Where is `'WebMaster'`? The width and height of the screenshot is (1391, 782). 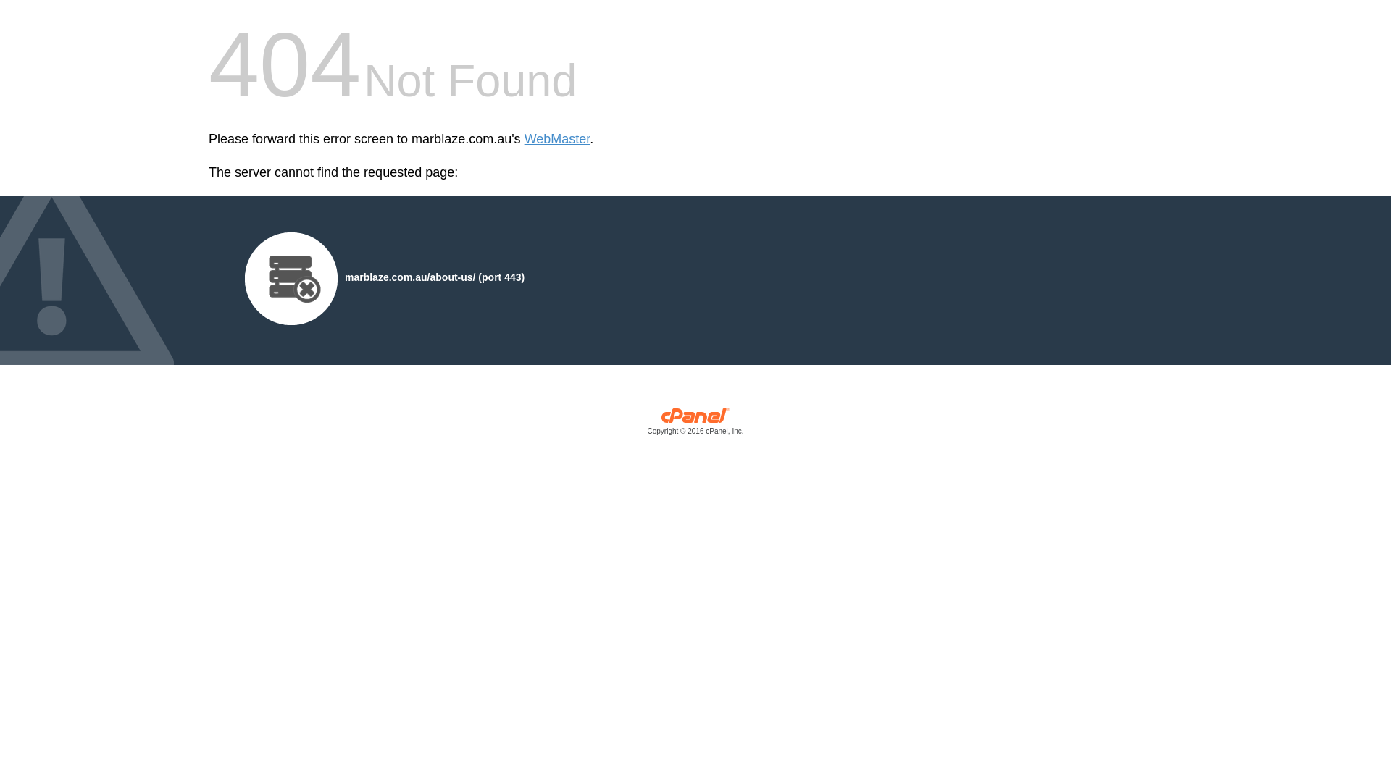
'WebMaster' is located at coordinates (524, 139).